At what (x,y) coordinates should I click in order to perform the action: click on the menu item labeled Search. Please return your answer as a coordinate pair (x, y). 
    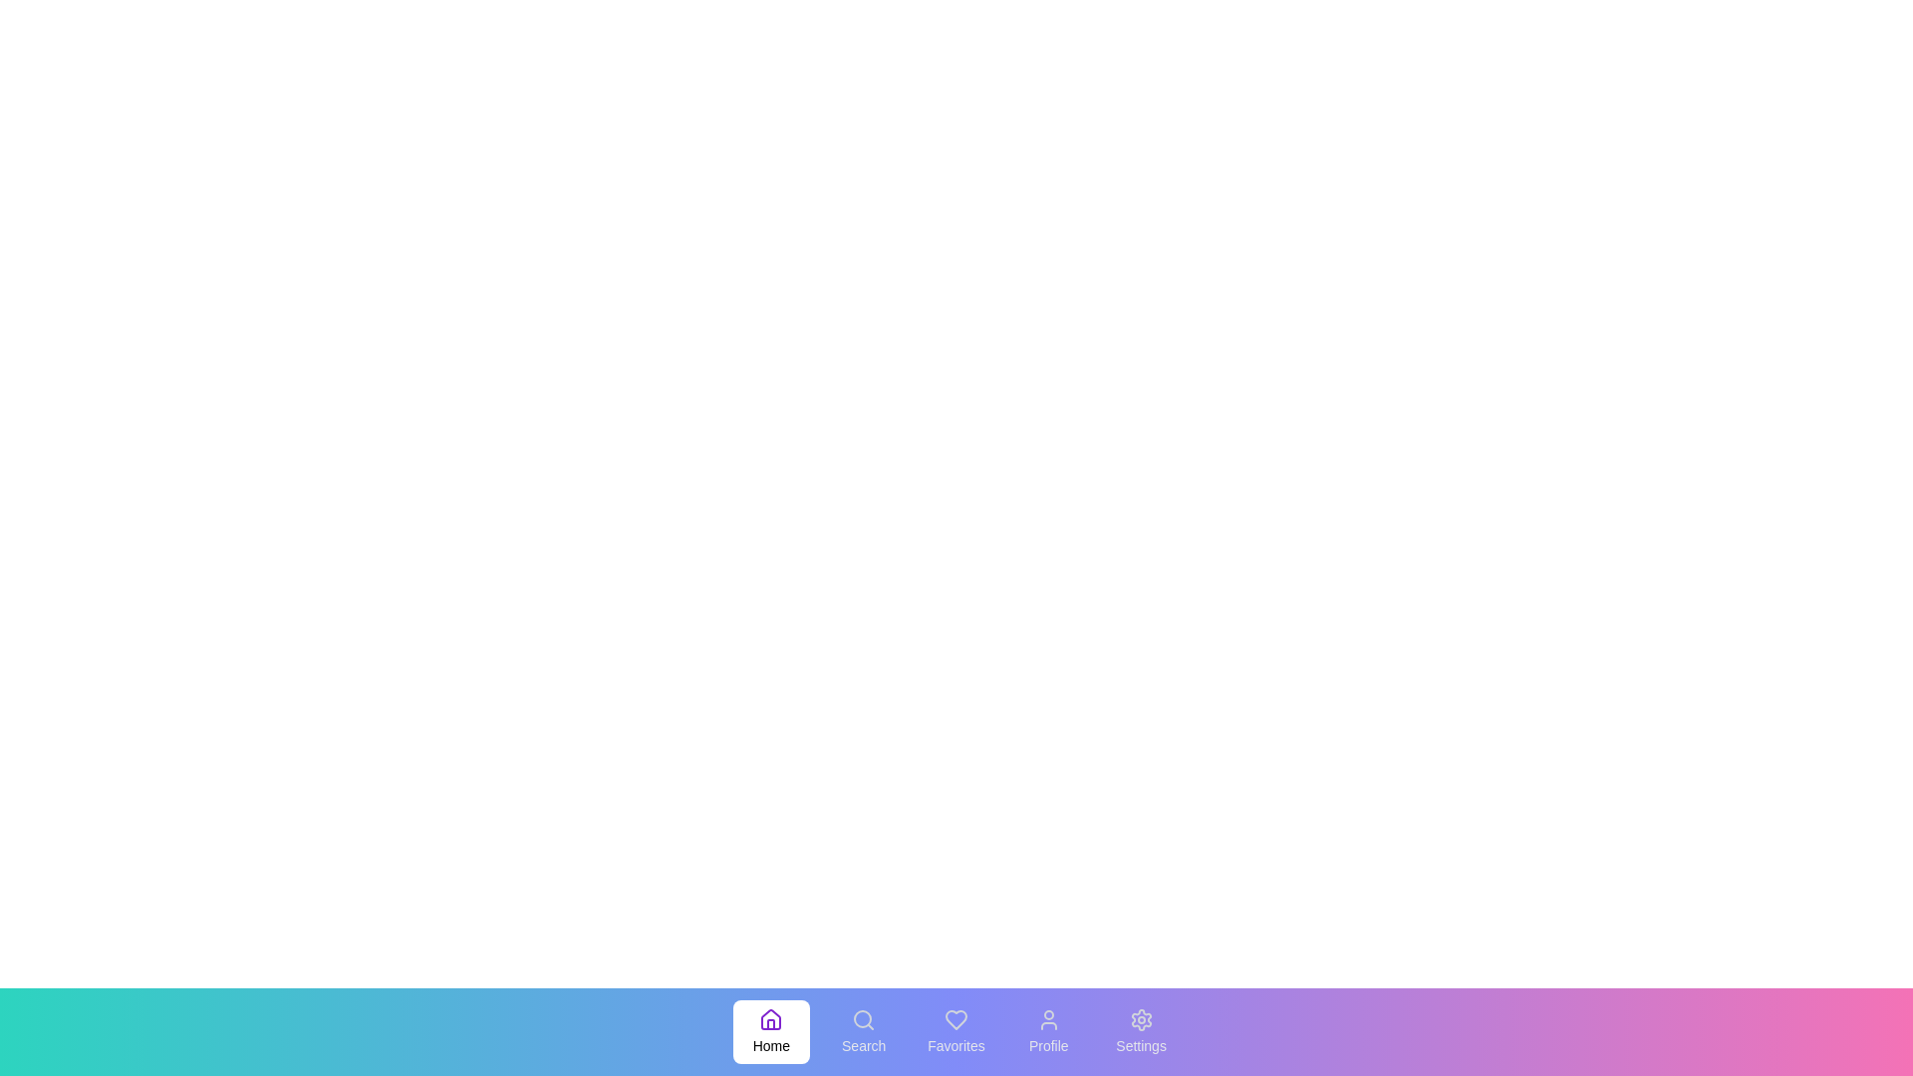
    Looking at the image, I should click on (864, 1031).